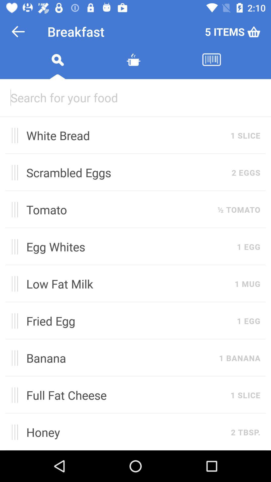 Image resolution: width=271 pixels, height=482 pixels. I want to click on bar code scan, so click(212, 66).